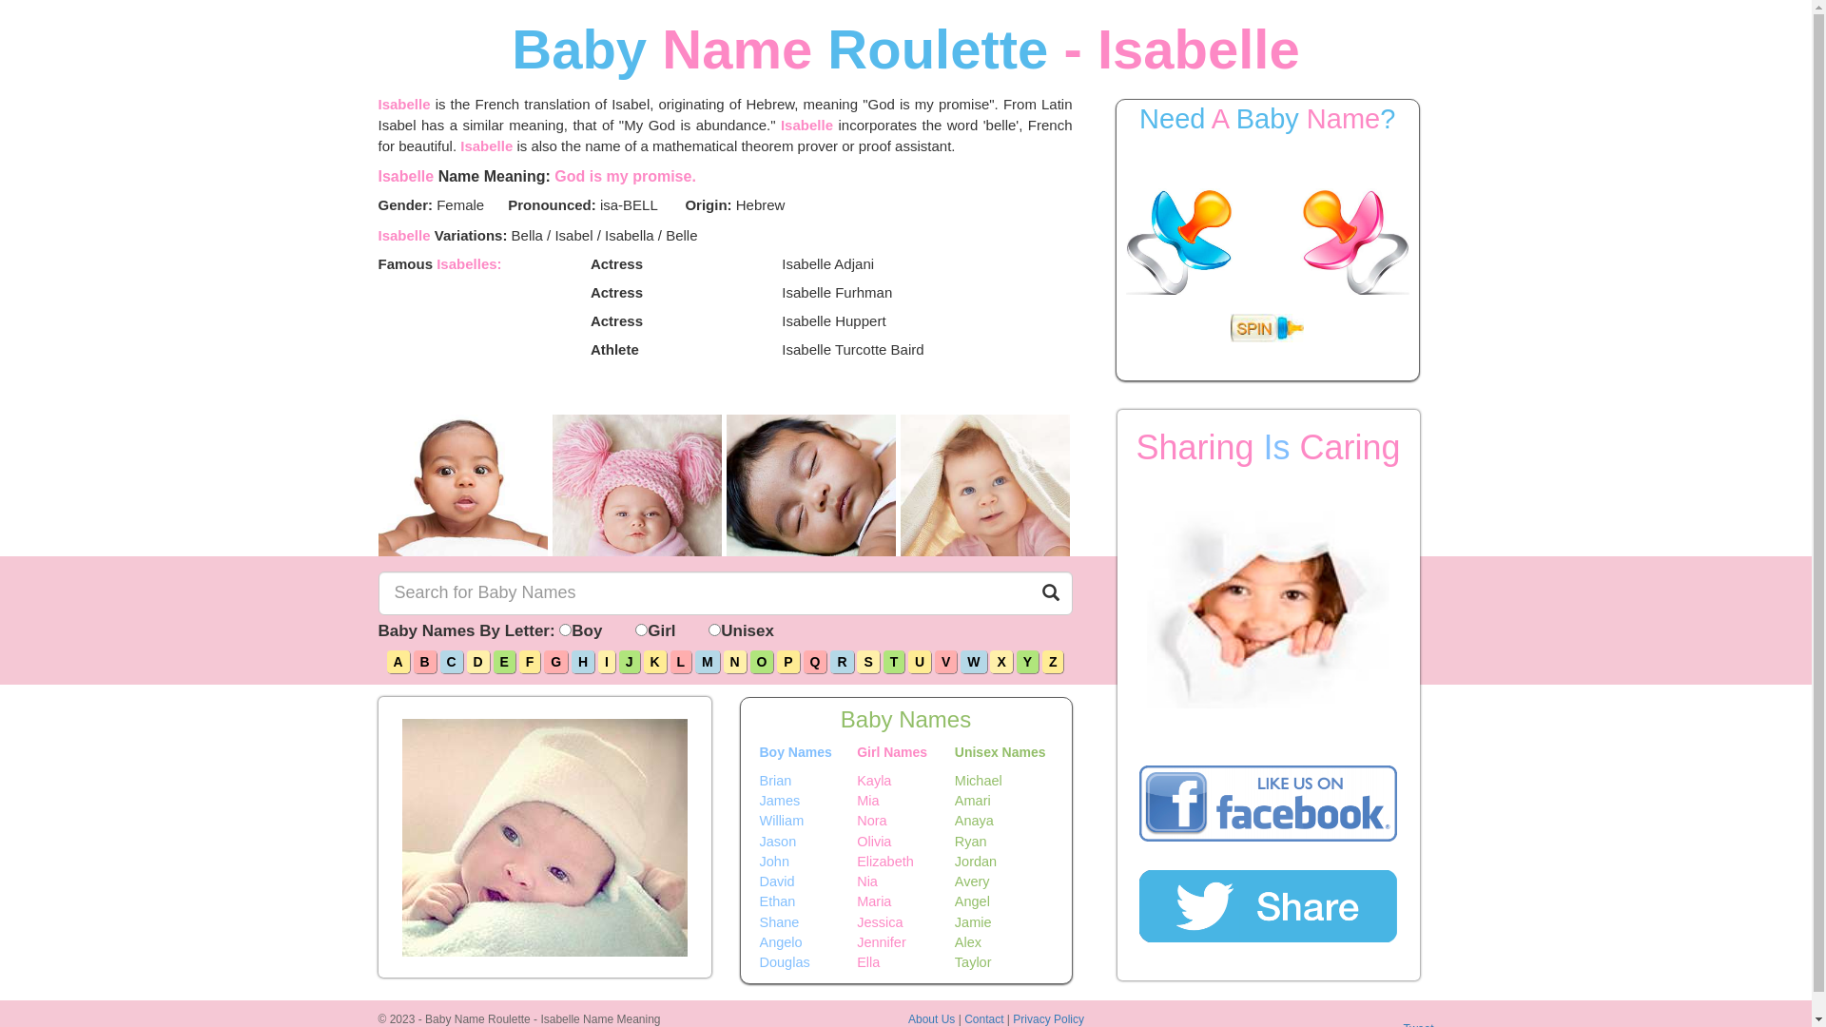  Describe the element at coordinates (815, 660) in the screenshot. I see `'Q'` at that location.